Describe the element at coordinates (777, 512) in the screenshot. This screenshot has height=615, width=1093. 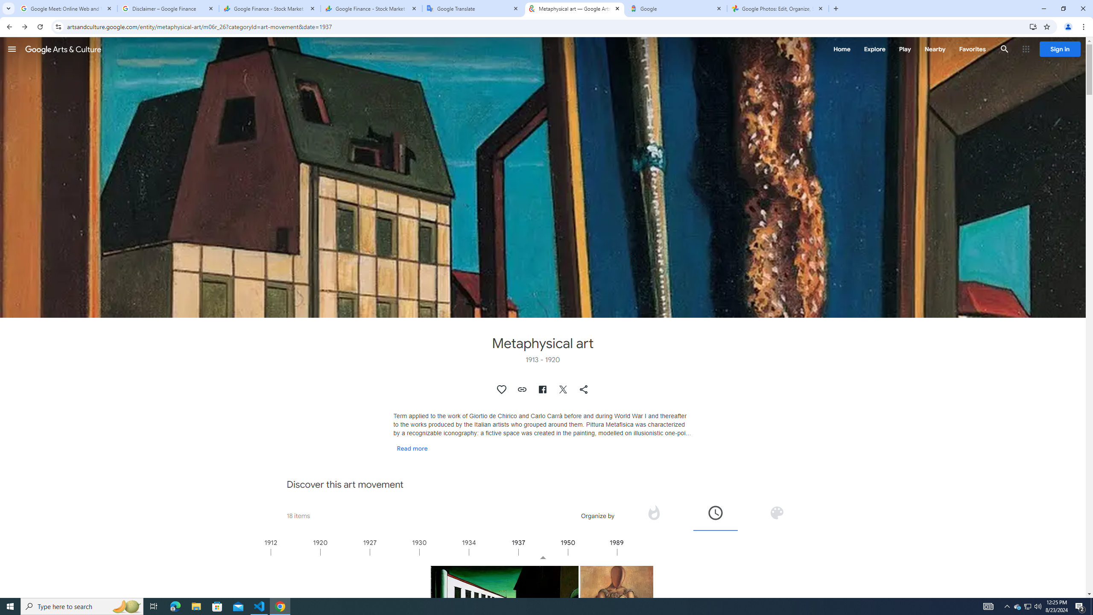
I see `'Organize by color'` at that location.